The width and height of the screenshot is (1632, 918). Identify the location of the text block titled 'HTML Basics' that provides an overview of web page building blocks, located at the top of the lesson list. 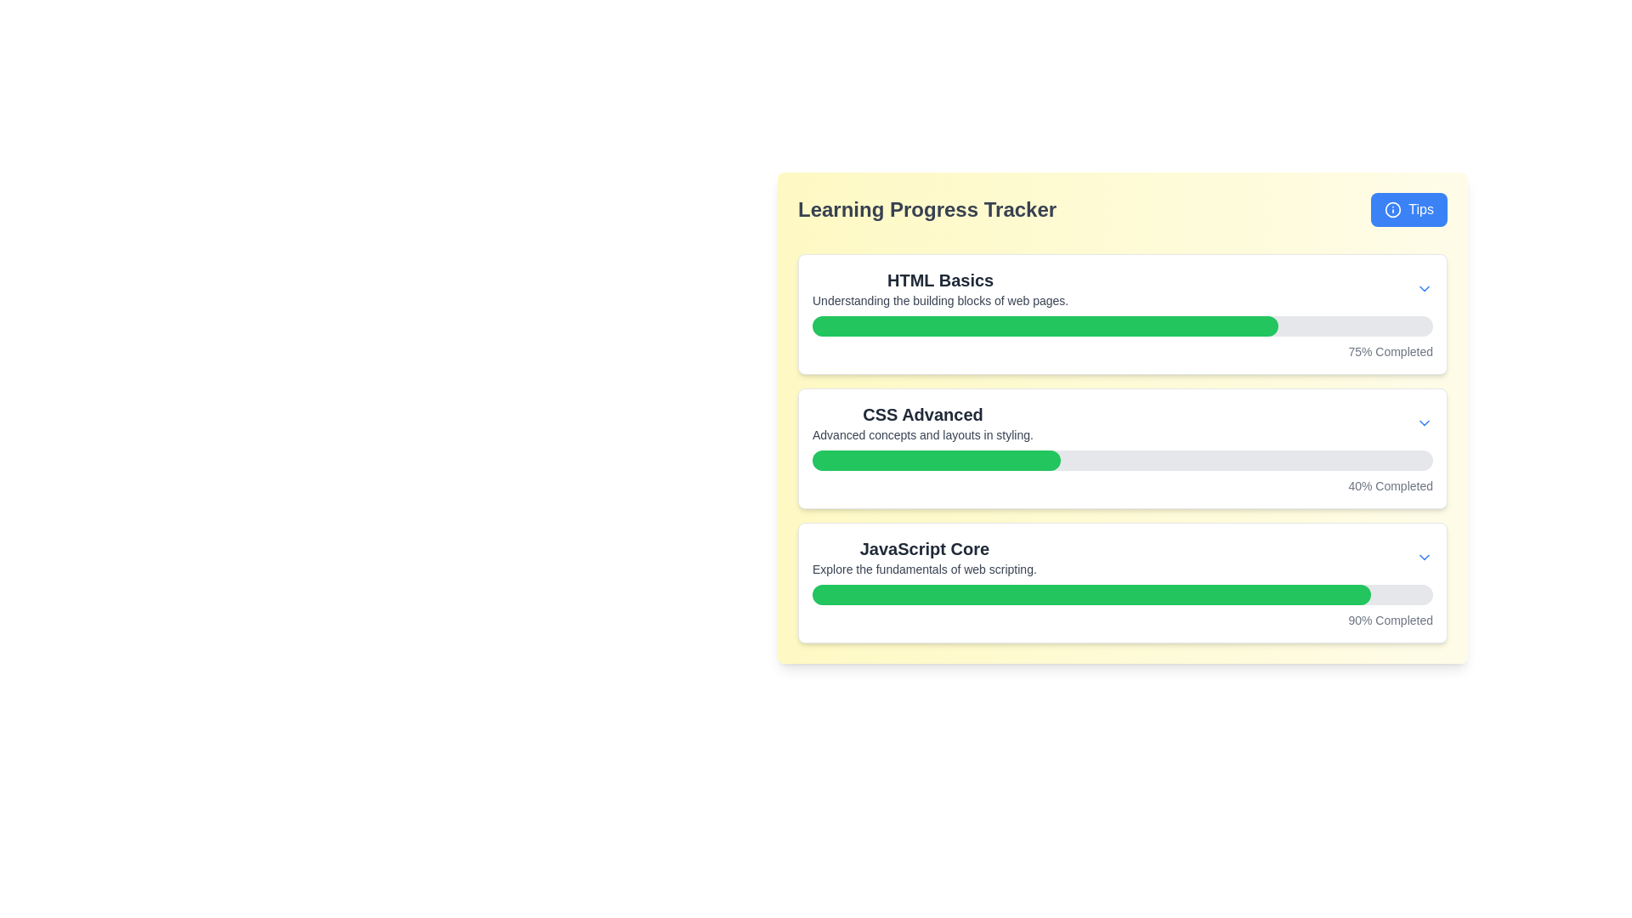
(939, 287).